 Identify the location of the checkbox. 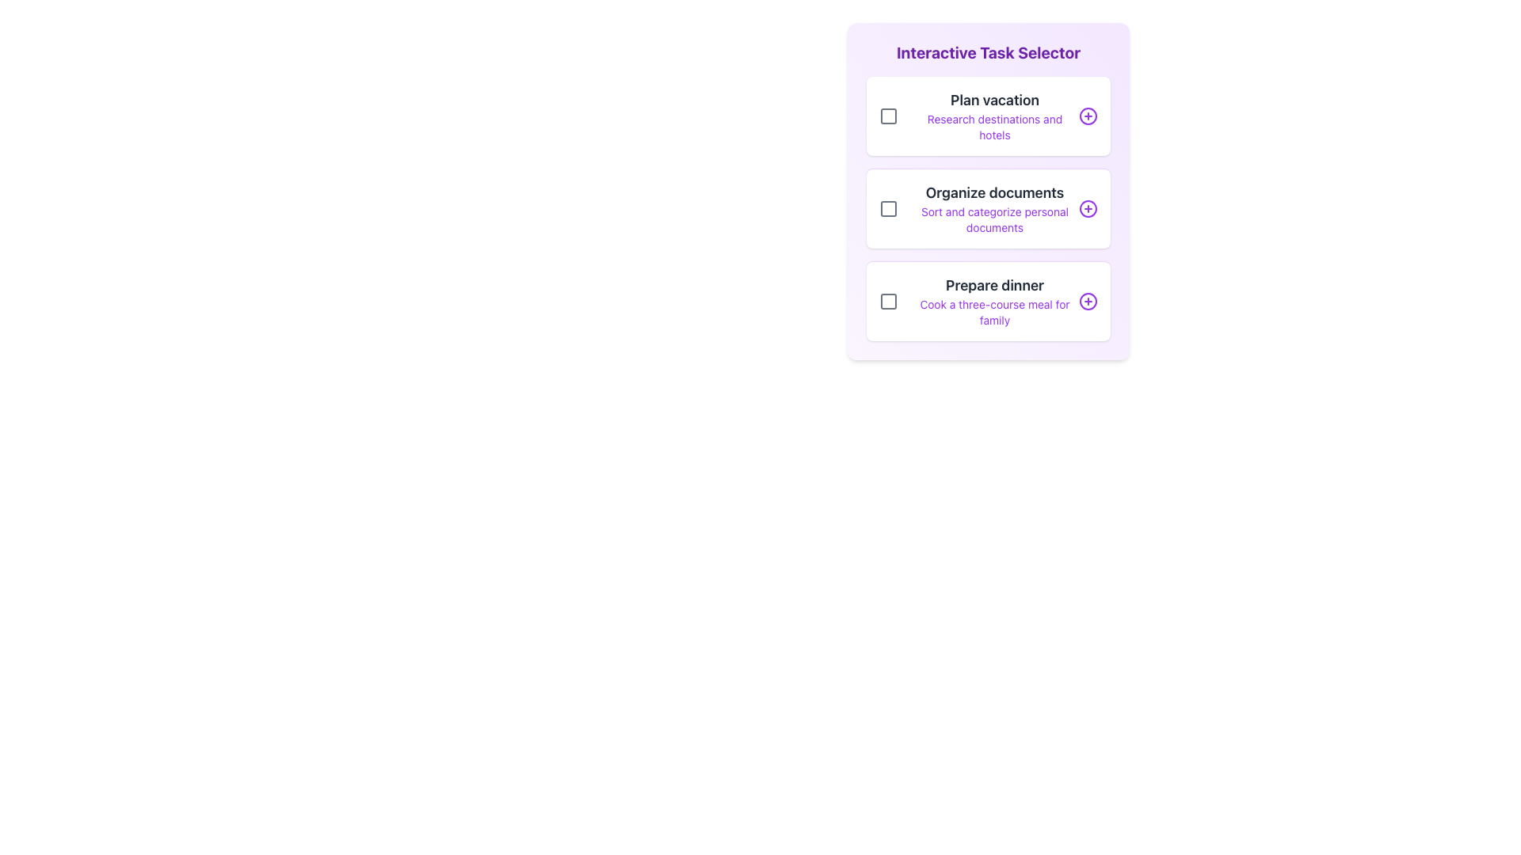
(889, 207).